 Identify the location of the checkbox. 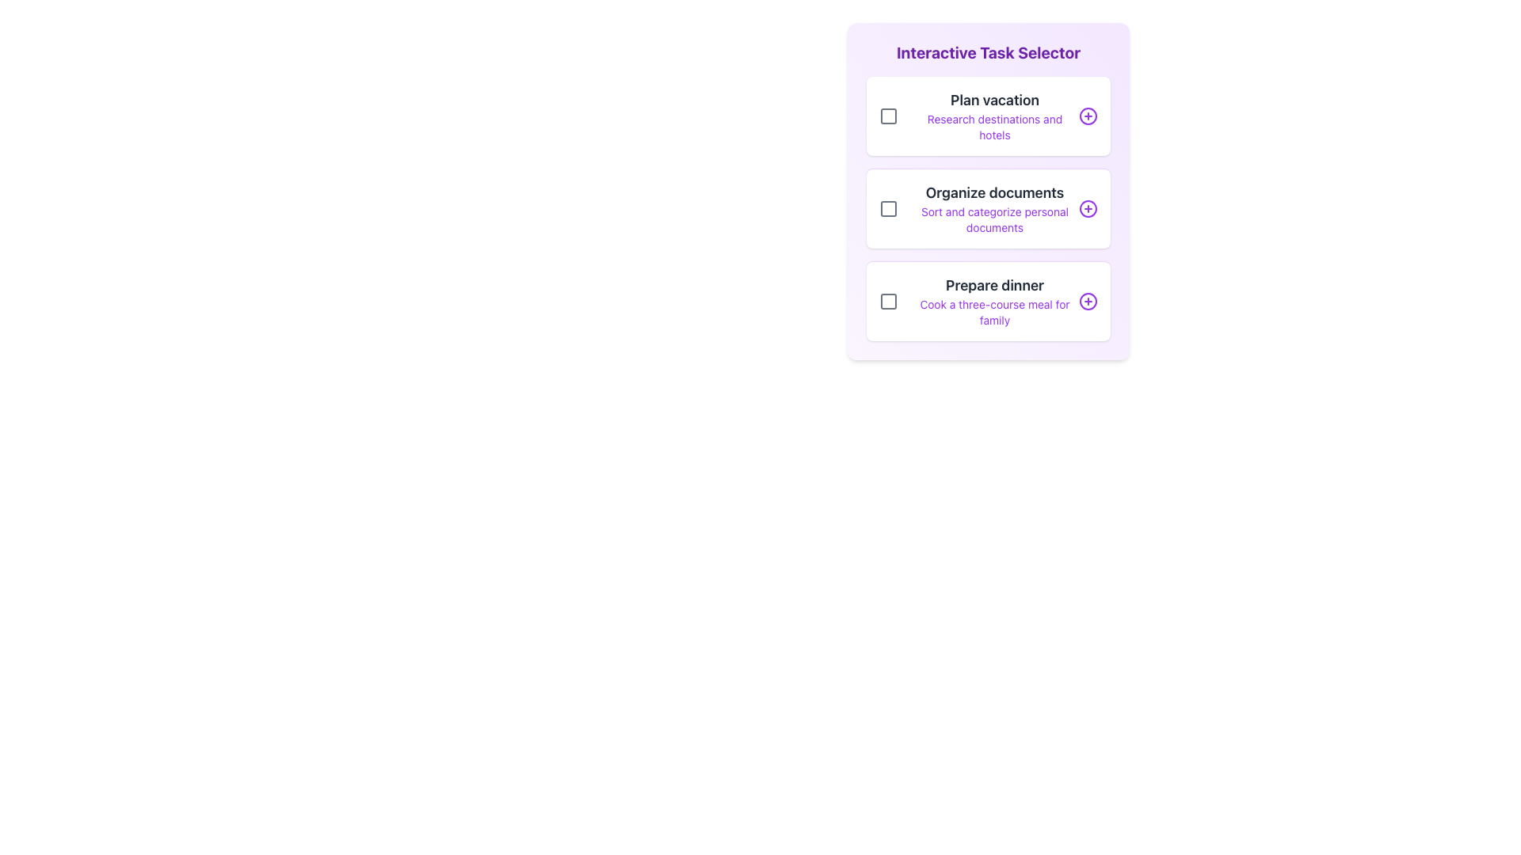
(889, 207).